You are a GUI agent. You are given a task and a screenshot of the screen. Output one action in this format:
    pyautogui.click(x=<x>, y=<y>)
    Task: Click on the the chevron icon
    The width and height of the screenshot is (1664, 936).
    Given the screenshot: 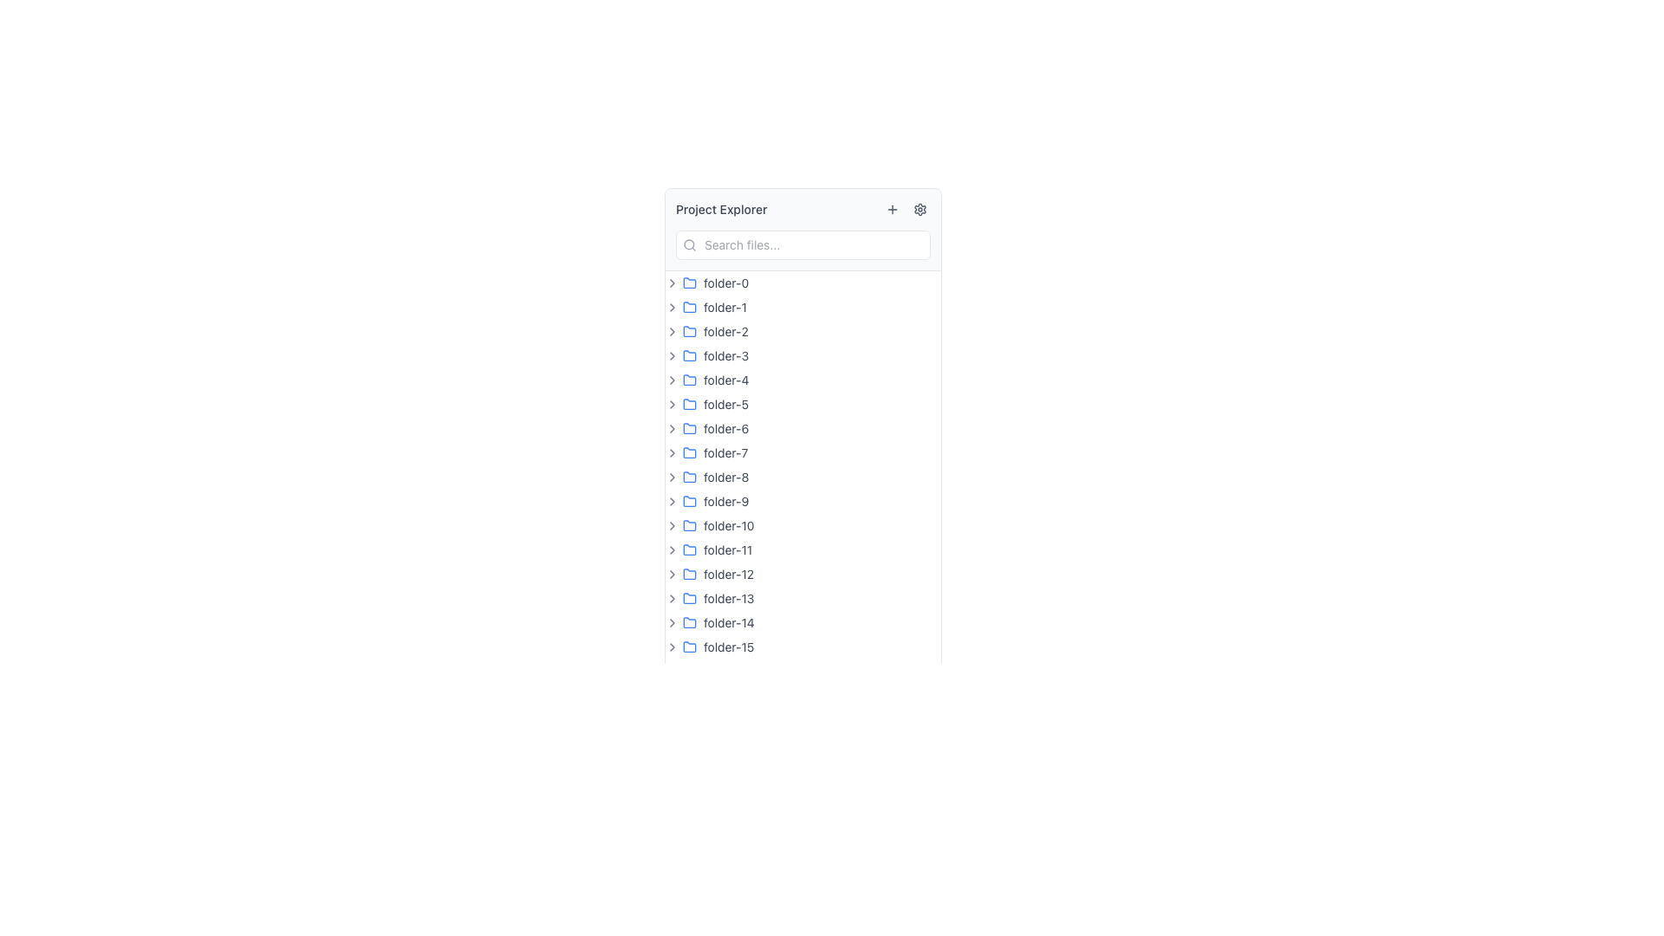 What is the action you would take?
    pyautogui.click(x=672, y=355)
    